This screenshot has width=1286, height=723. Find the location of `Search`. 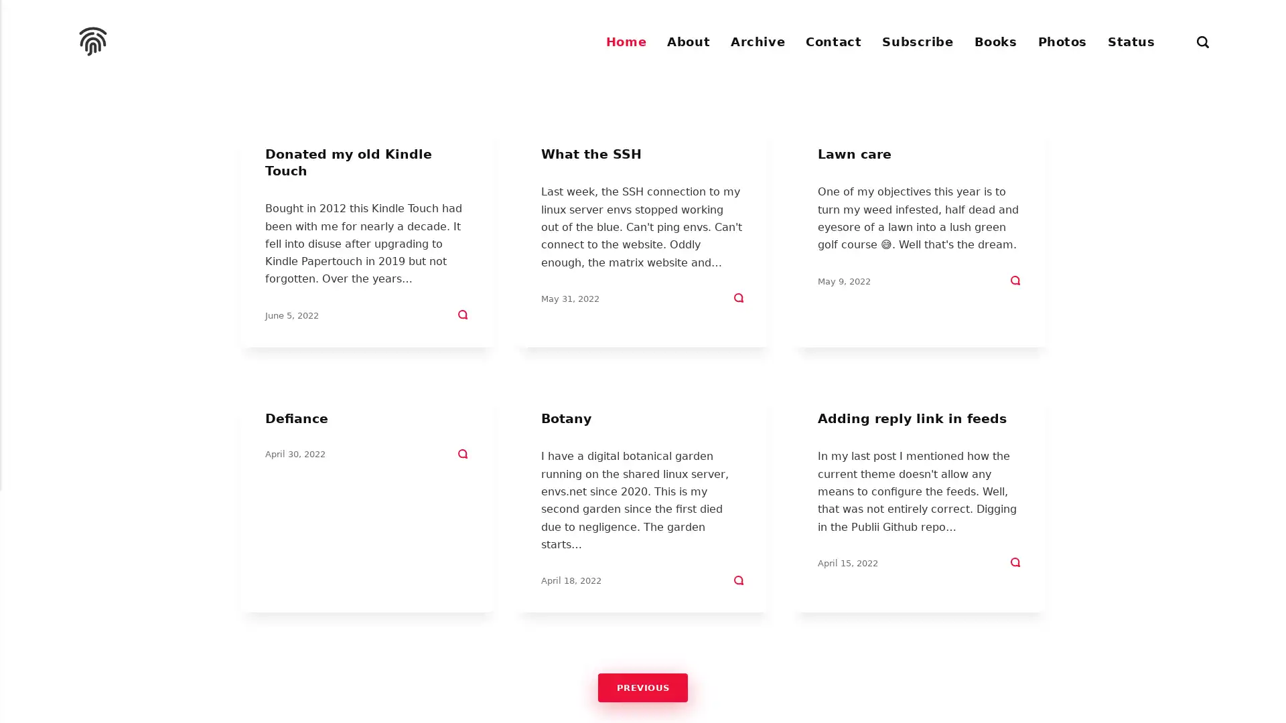

Search is located at coordinates (1202, 40).